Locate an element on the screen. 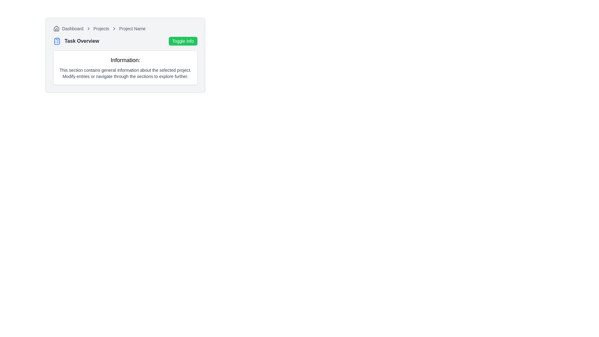 The height and width of the screenshot is (337, 599). the text label that serves as a section title or header, located directly to the left of the green button labeled 'Toggle Info' is located at coordinates (76, 41).